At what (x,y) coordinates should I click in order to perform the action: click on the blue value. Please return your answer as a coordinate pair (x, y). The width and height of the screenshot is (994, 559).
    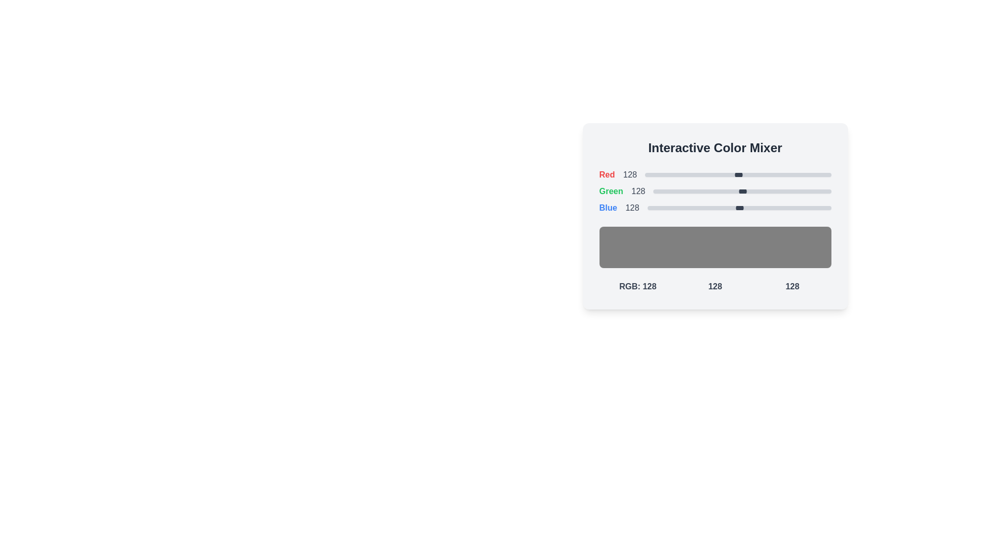
    Looking at the image, I should click on (757, 208).